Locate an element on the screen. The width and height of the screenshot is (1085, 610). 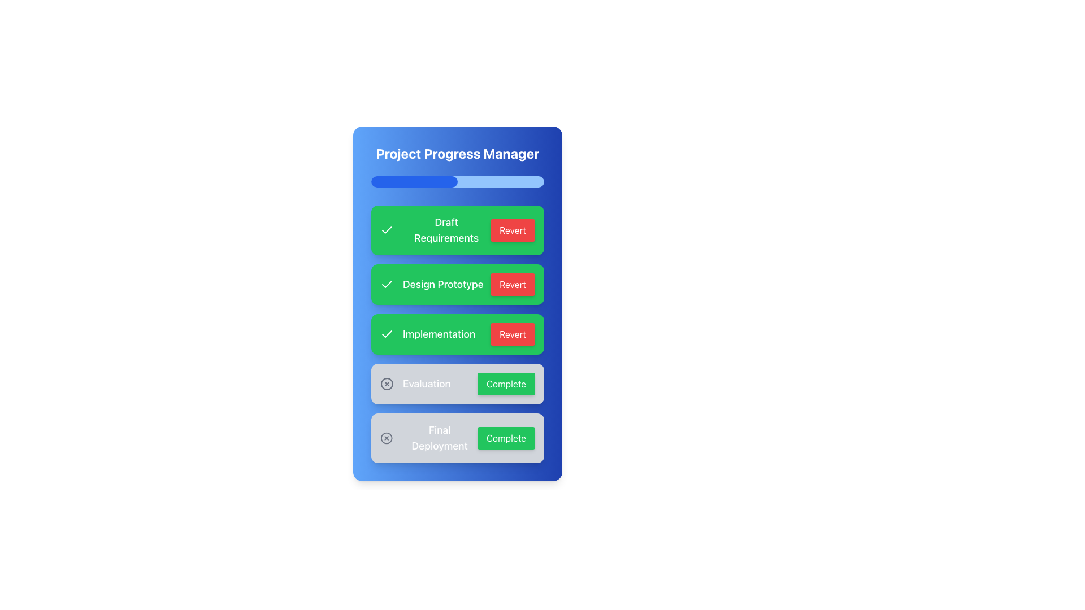
the group containing the checkmark icon and the text 'Implementation' is located at coordinates (427, 333).